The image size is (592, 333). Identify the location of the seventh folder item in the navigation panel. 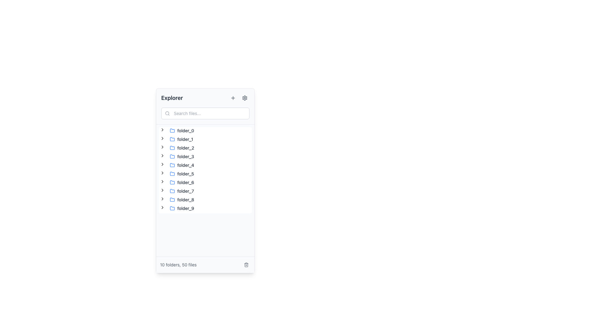
(182, 191).